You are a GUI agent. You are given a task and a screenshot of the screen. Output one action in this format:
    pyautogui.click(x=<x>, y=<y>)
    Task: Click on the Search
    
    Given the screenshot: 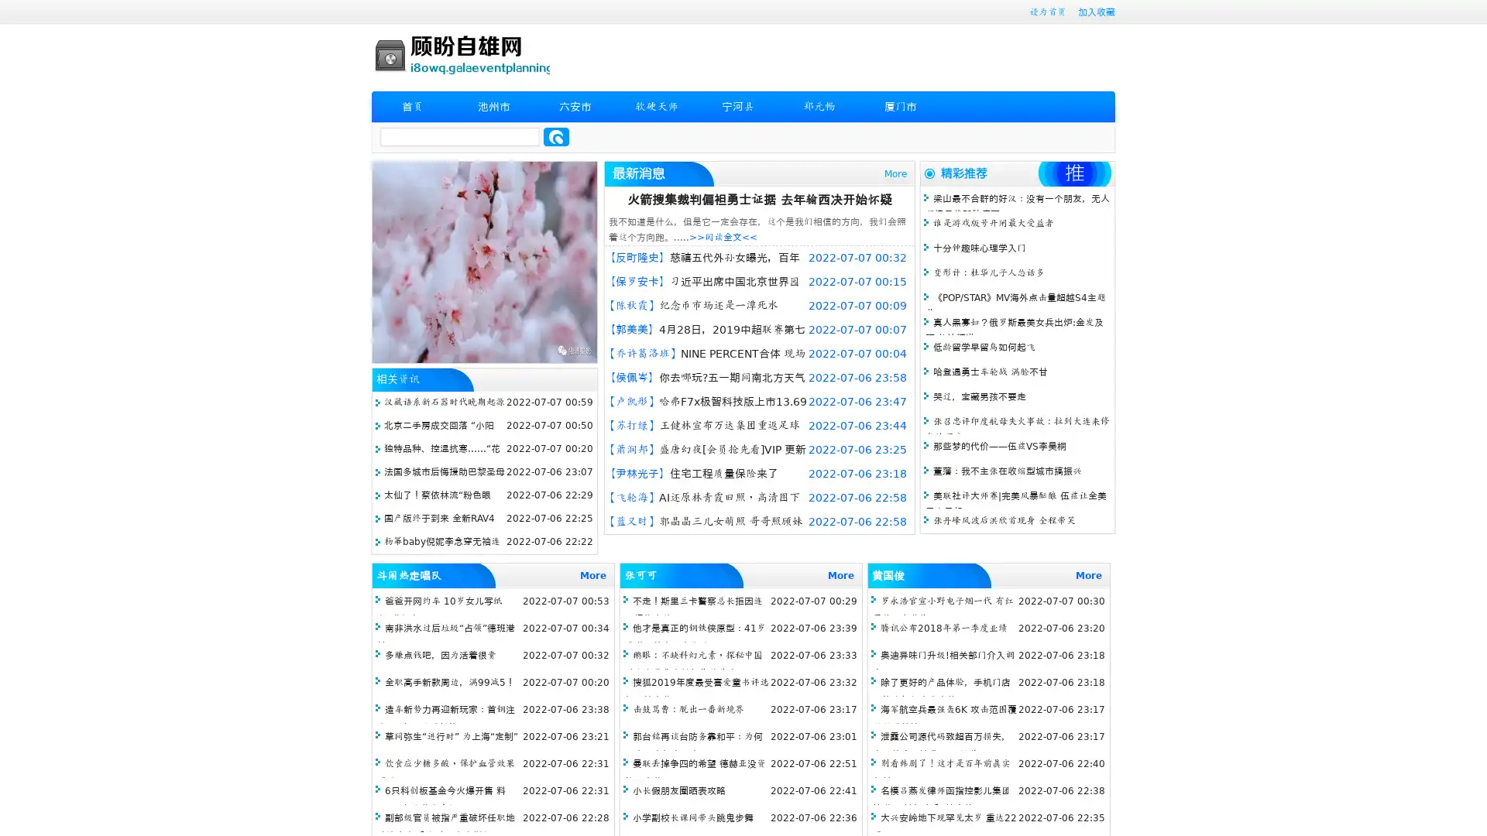 What is the action you would take?
    pyautogui.click(x=556, y=136)
    